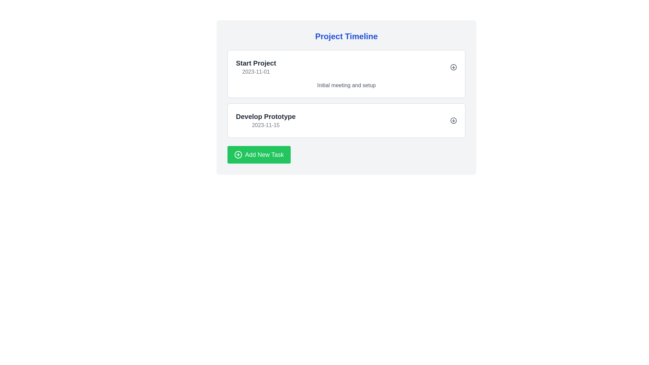  Describe the element at coordinates (265, 116) in the screenshot. I see `the static text label located in the second task card below the 'Start Project' task` at that location.